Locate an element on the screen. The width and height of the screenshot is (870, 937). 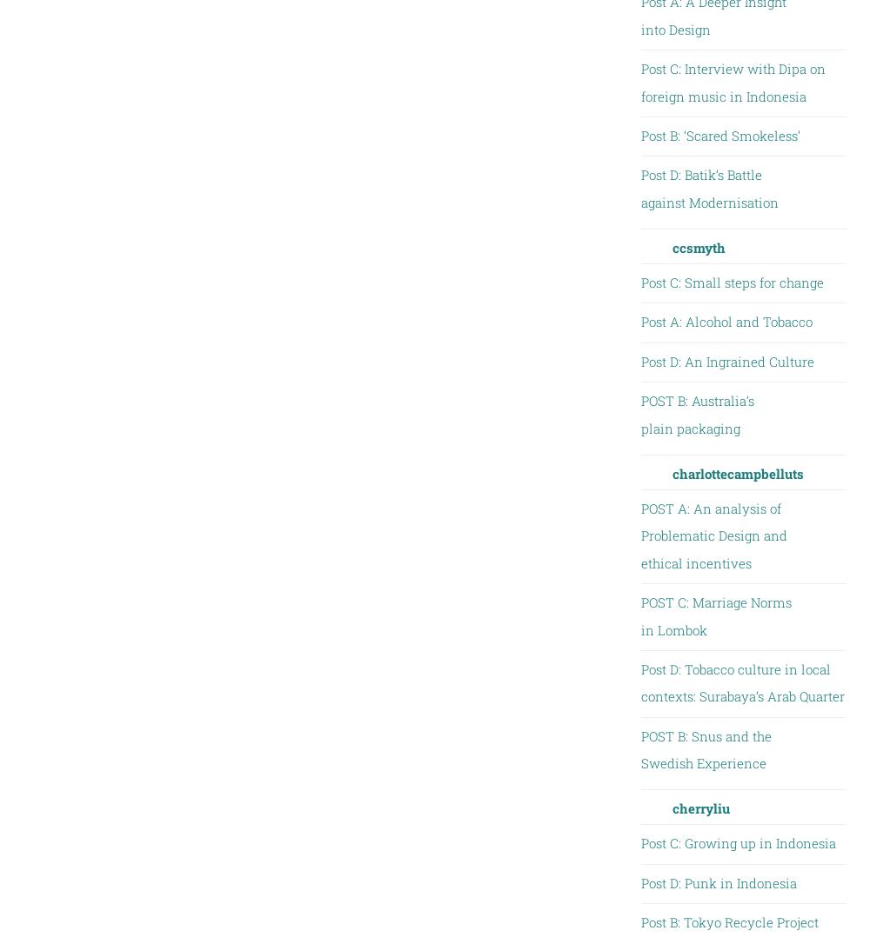
'Post B: ‘Scared Smokeless’' is located at coordinates (719, 134).